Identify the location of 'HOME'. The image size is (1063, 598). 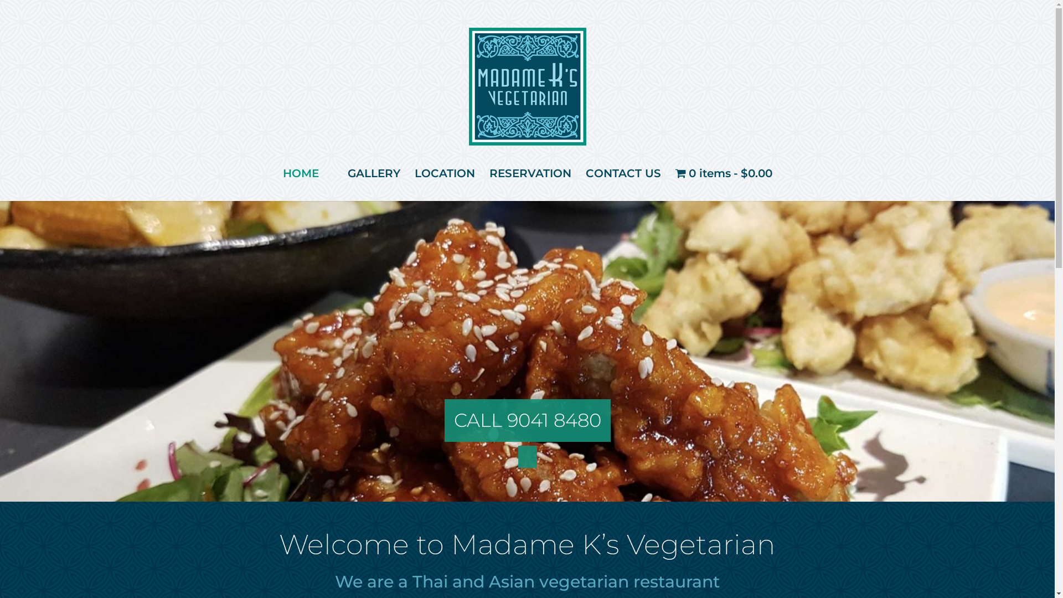
(301, 173).